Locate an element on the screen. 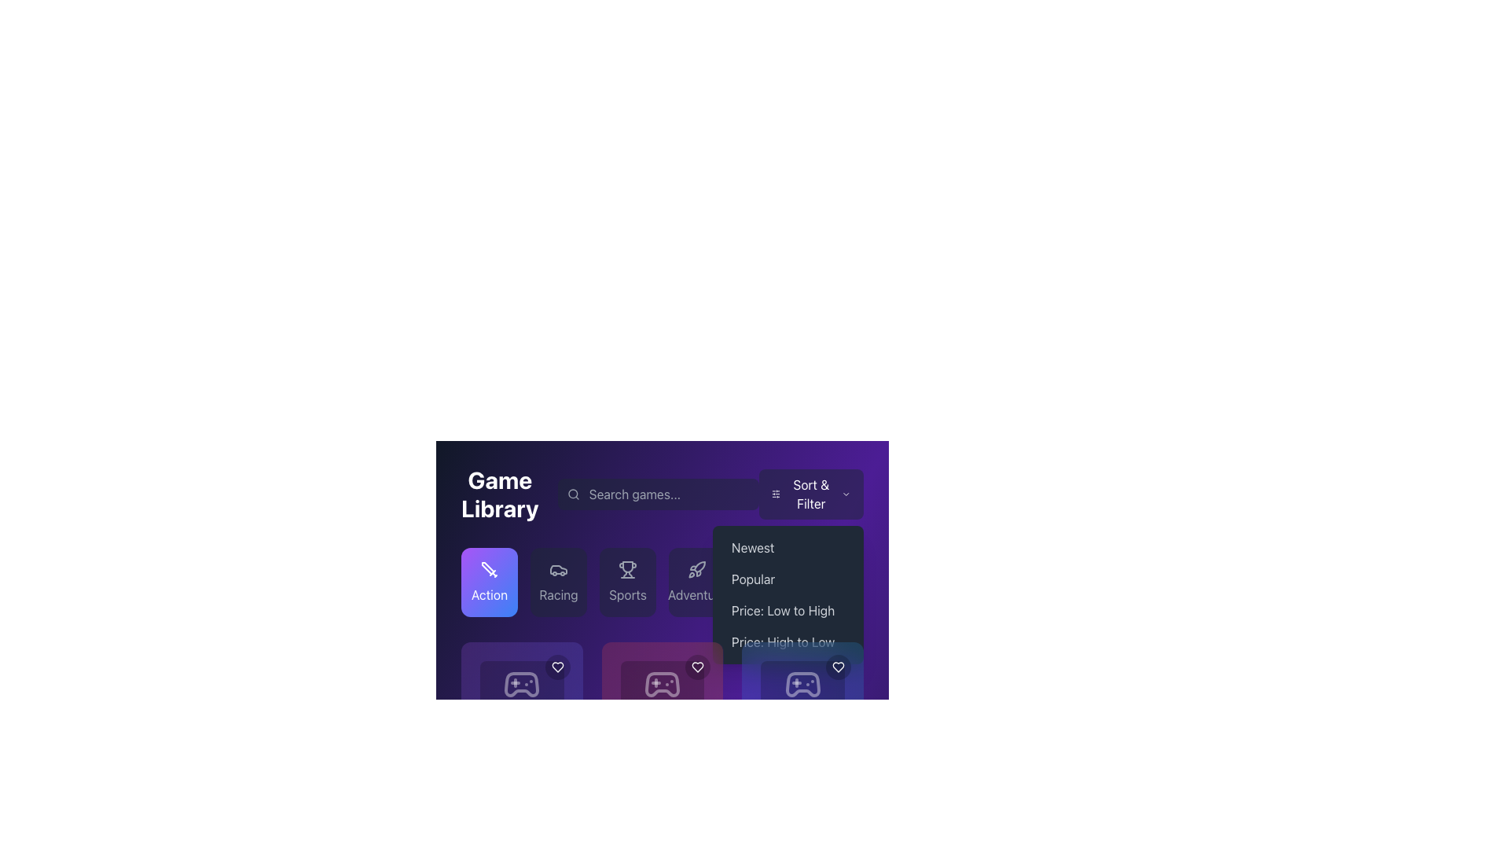 The height and width of the screenshot is (849, 1509). the static decorative image of a game controller located within the game listing card, positioned below the heart icon is located at coordinates (522, 684).